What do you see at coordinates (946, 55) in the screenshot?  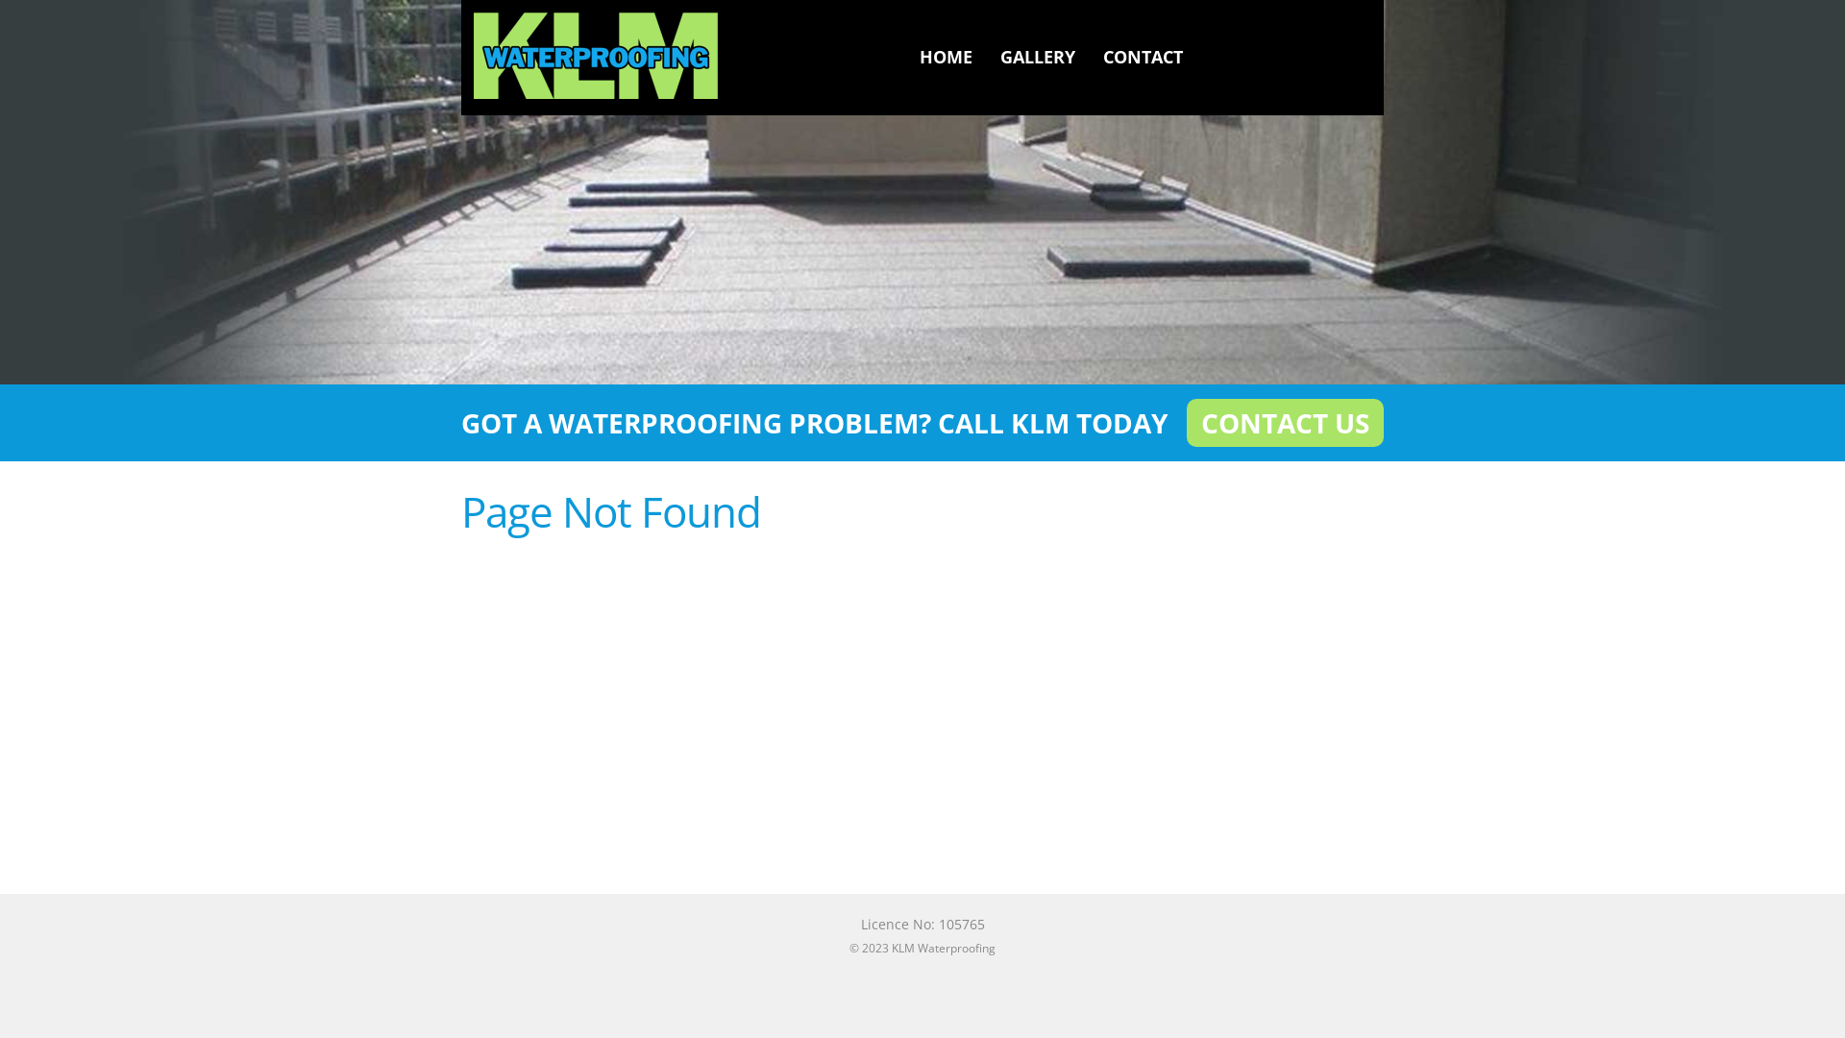 I see `'HOME'` at bounding box center [946, 55].